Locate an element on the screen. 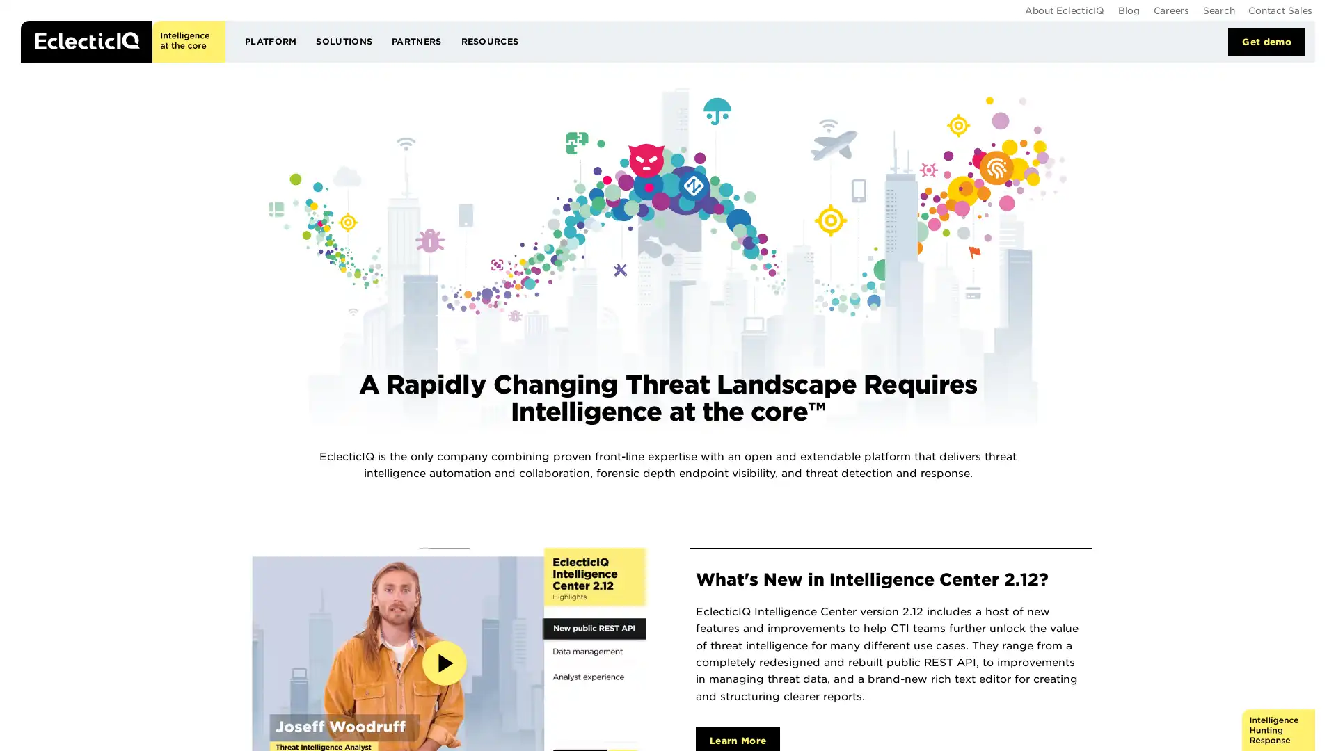 Image resolution: width=1336 pixels, height=751 pixels. Continue is located at coordinates (878, 94).